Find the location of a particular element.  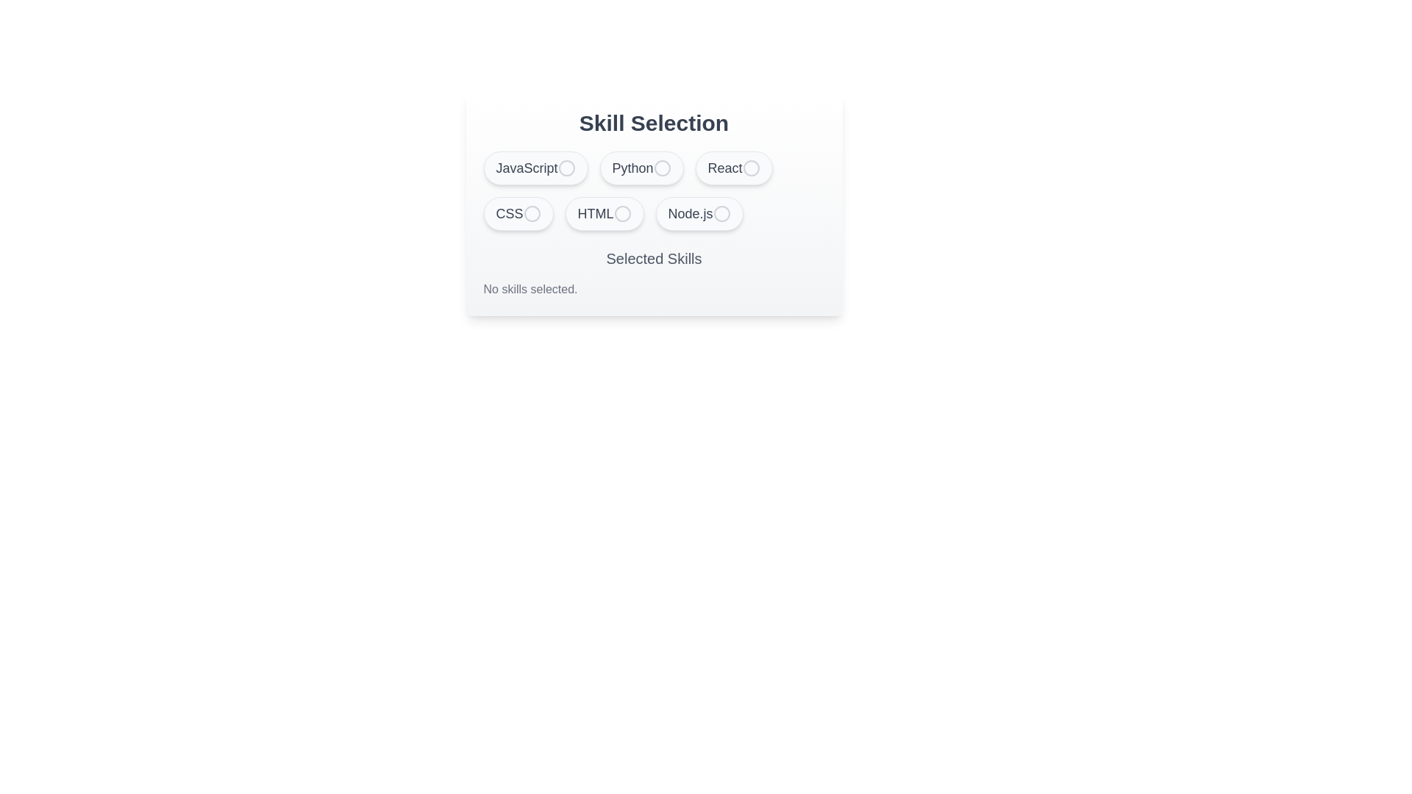

the 'React' button in the 'Skill Selection' section is located at coordinates (734, 167).